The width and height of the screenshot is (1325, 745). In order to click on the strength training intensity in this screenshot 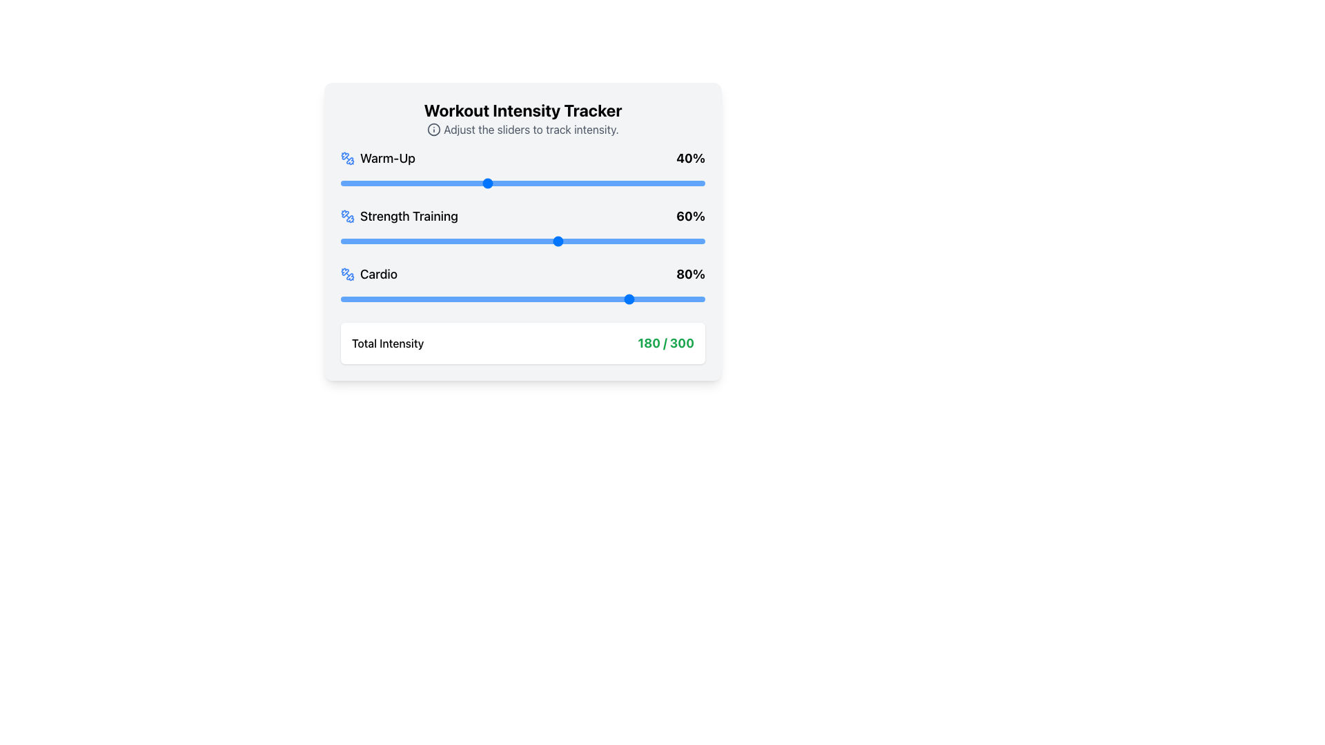, I will do `click(642, 241)`.